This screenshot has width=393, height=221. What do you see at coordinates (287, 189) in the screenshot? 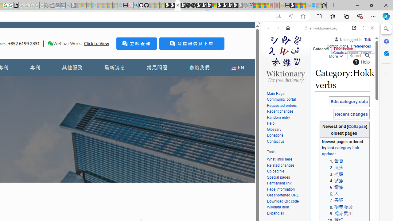
I see `'Page information'` at bounding box center [287, 189].